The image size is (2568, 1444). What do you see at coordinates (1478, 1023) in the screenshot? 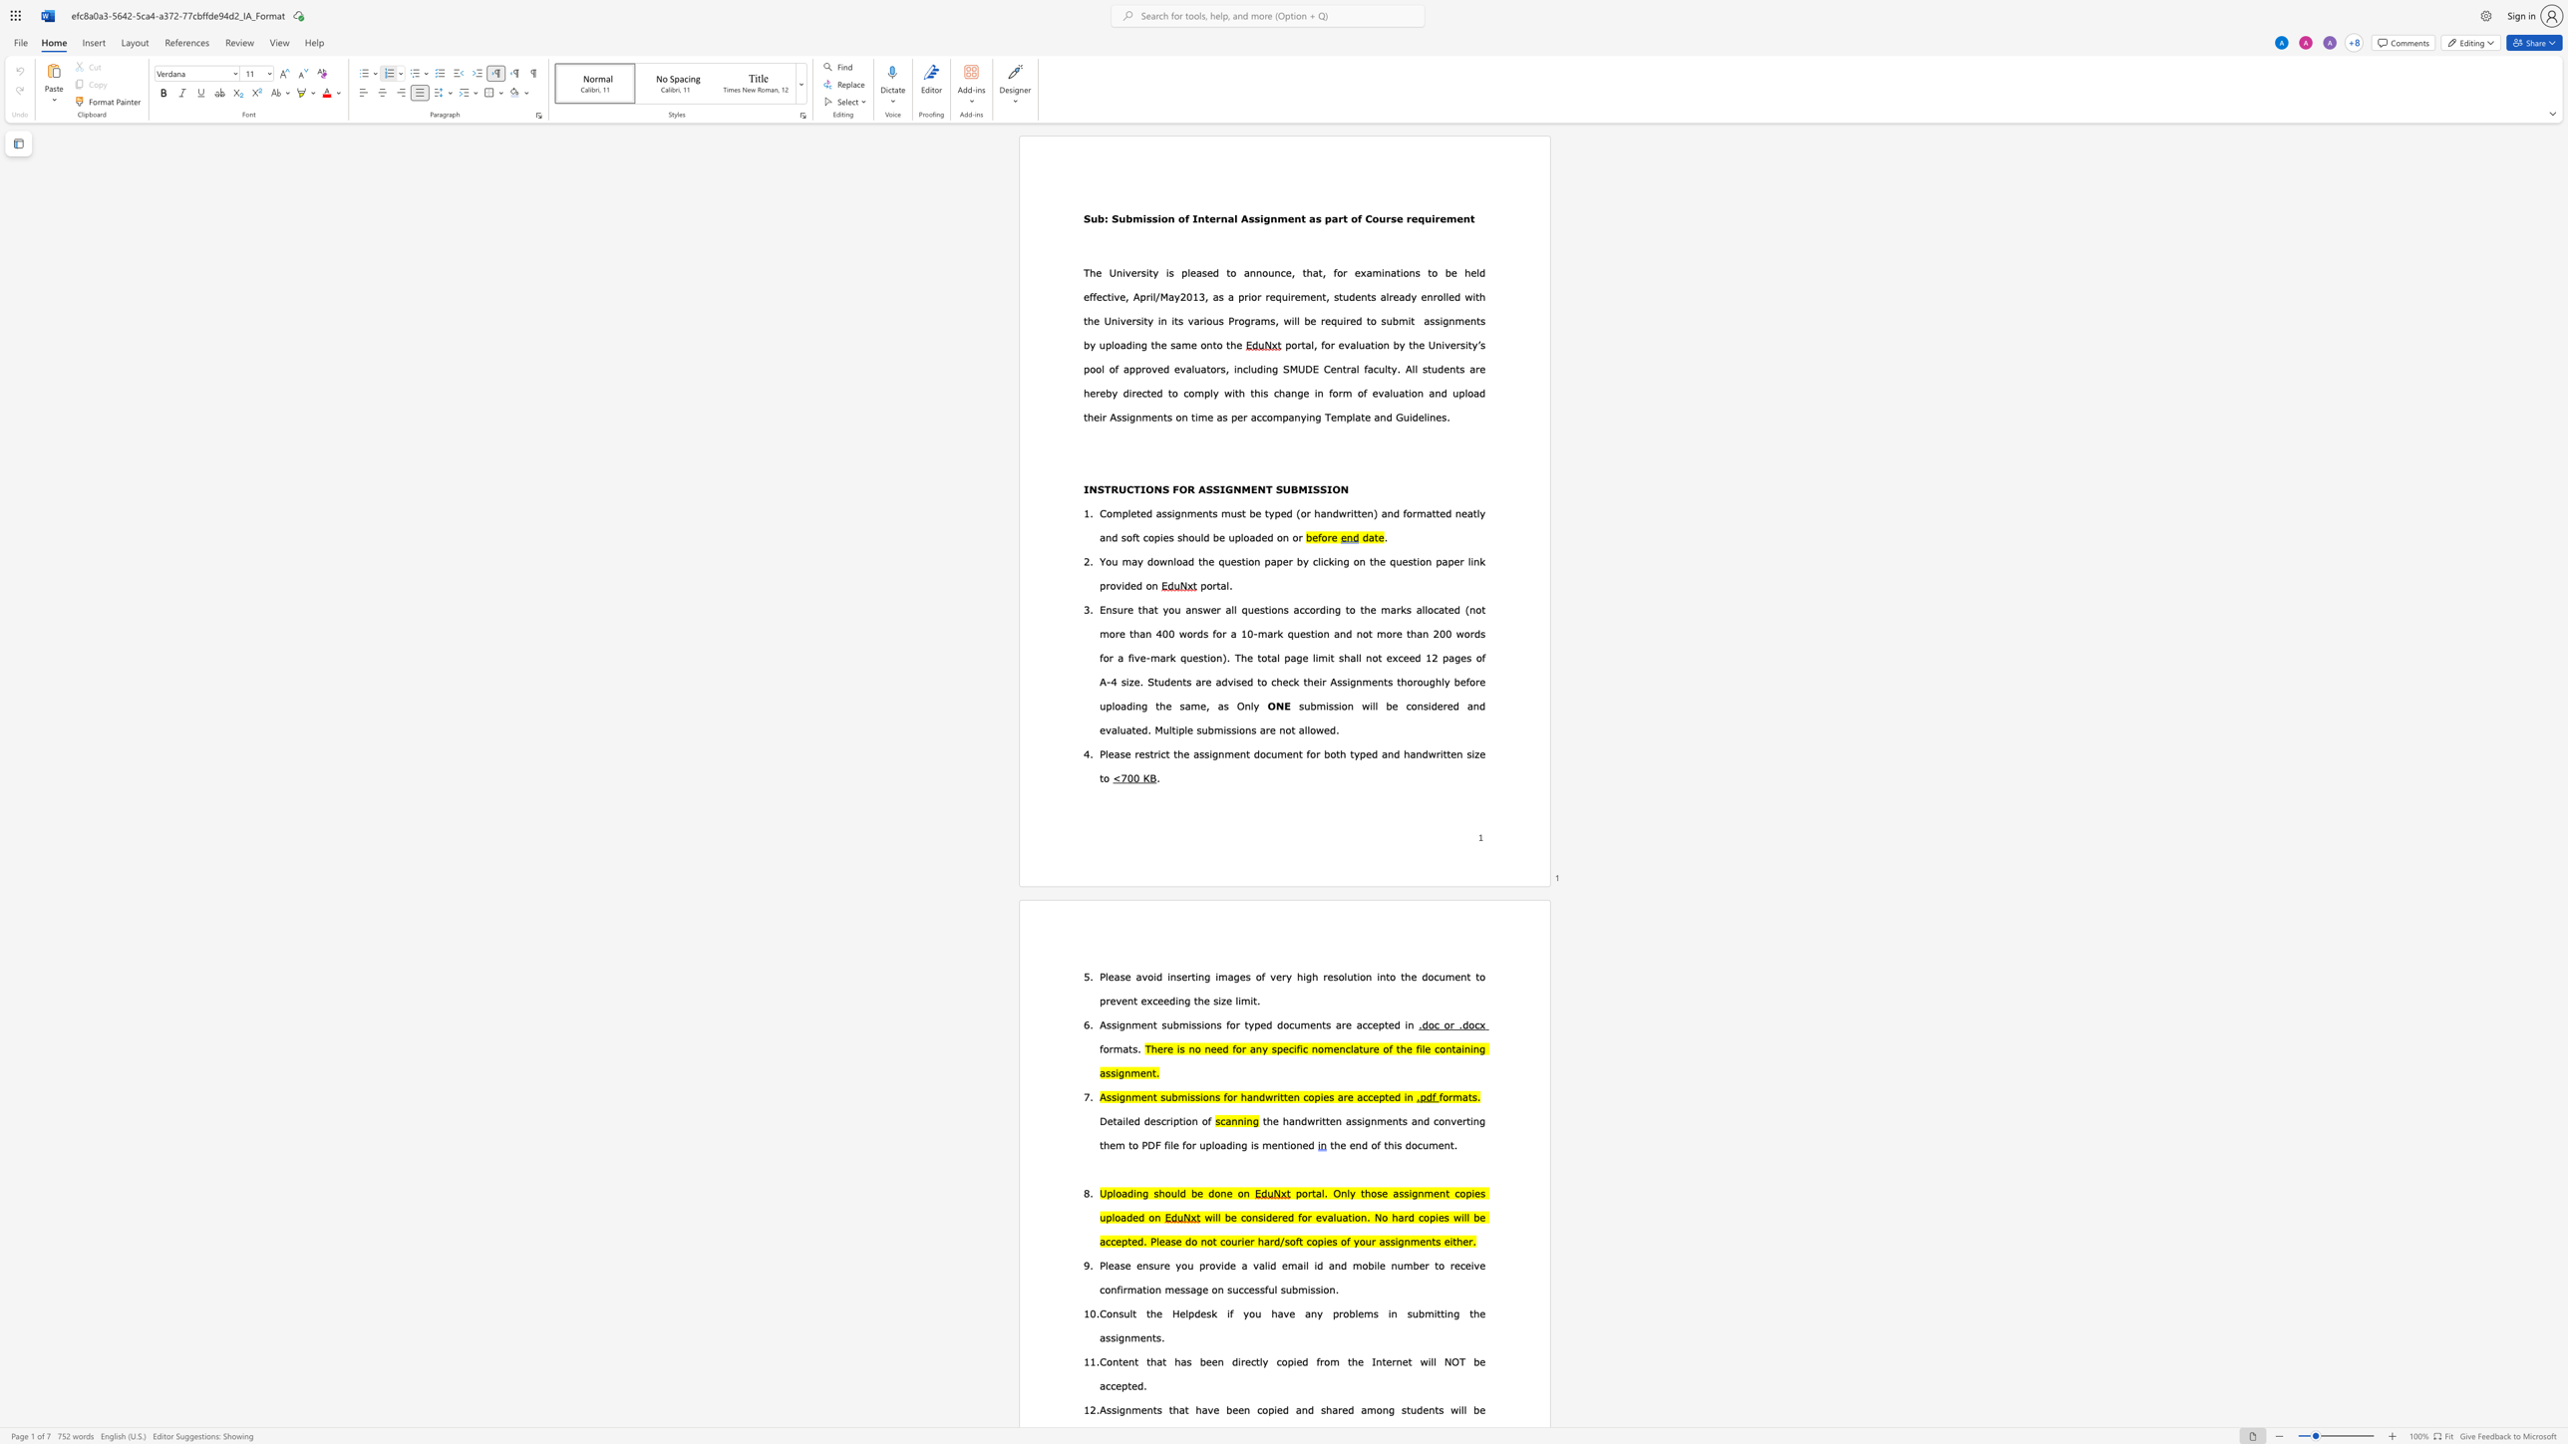
I see `the space between the continuous character "c" and "x" in the text` at bounding box center [1478, 1023].